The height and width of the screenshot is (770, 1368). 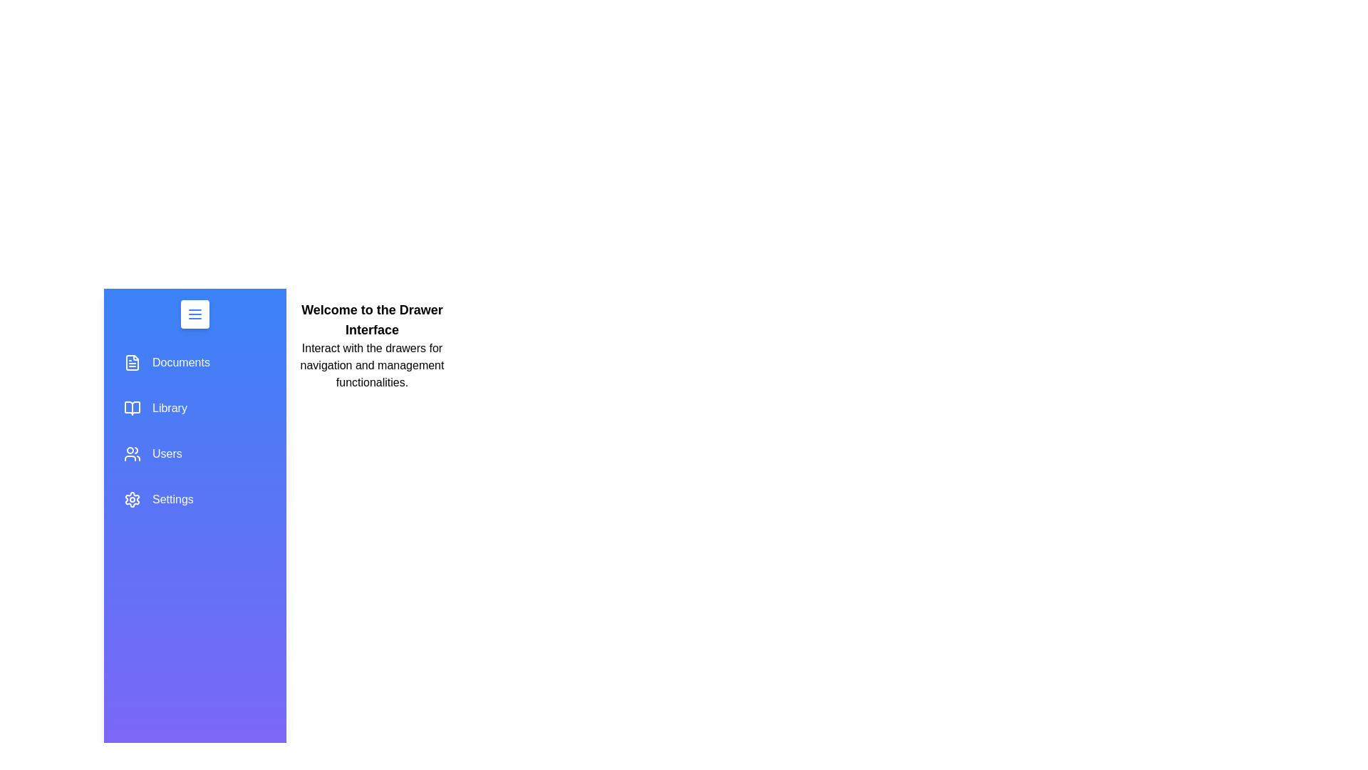 What do you see at coordinates (194, 409) in the screenshot?
I see `the section Library to highlight it` at bounding box center [194, 409].